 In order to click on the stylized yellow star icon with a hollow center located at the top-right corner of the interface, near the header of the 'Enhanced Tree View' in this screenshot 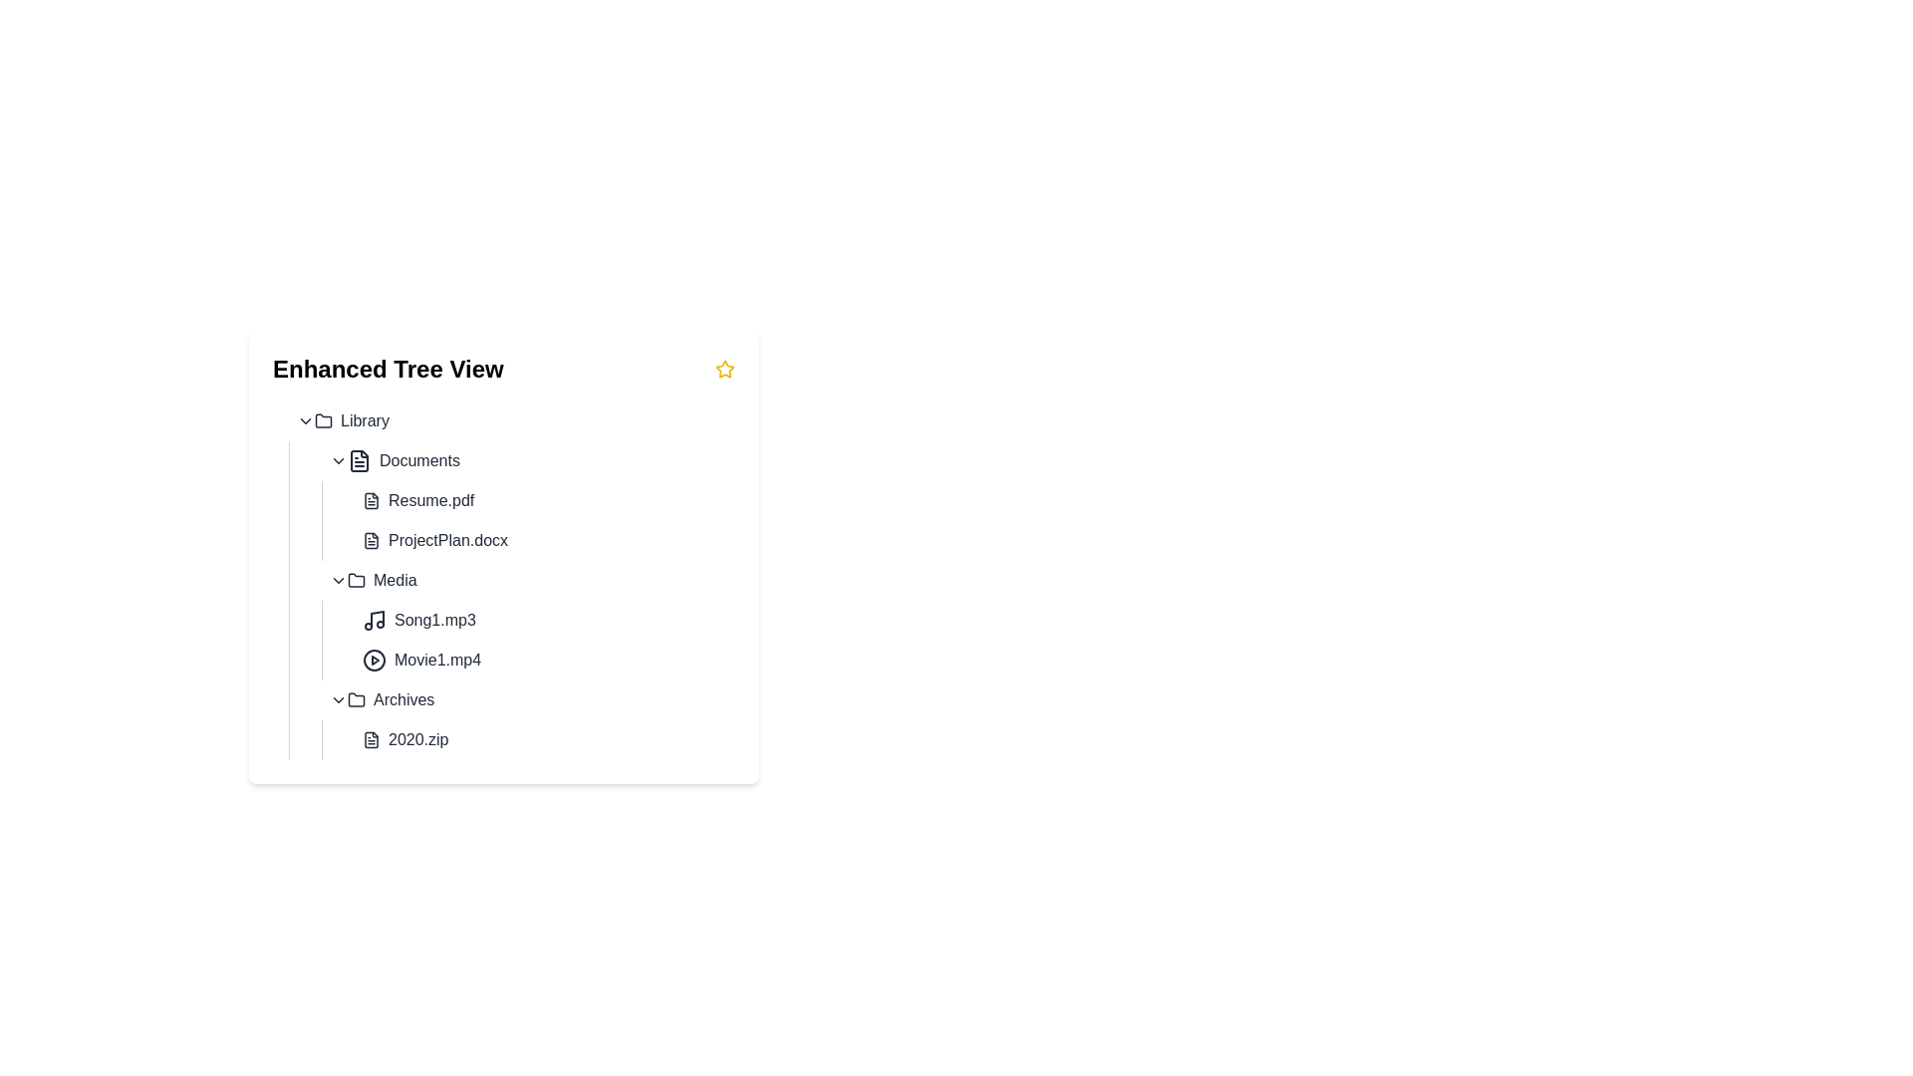, I will do `click(724, 369)`.